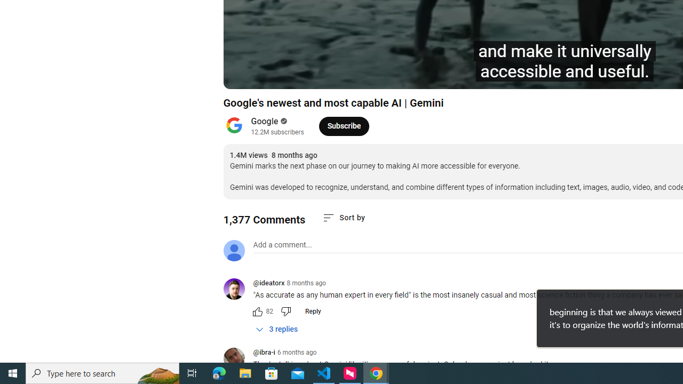 This screenshot has width=683, height=384. Describe the element at coordinates (268, 283) in the screenshot. I see `'@ideatorx'` at that location.